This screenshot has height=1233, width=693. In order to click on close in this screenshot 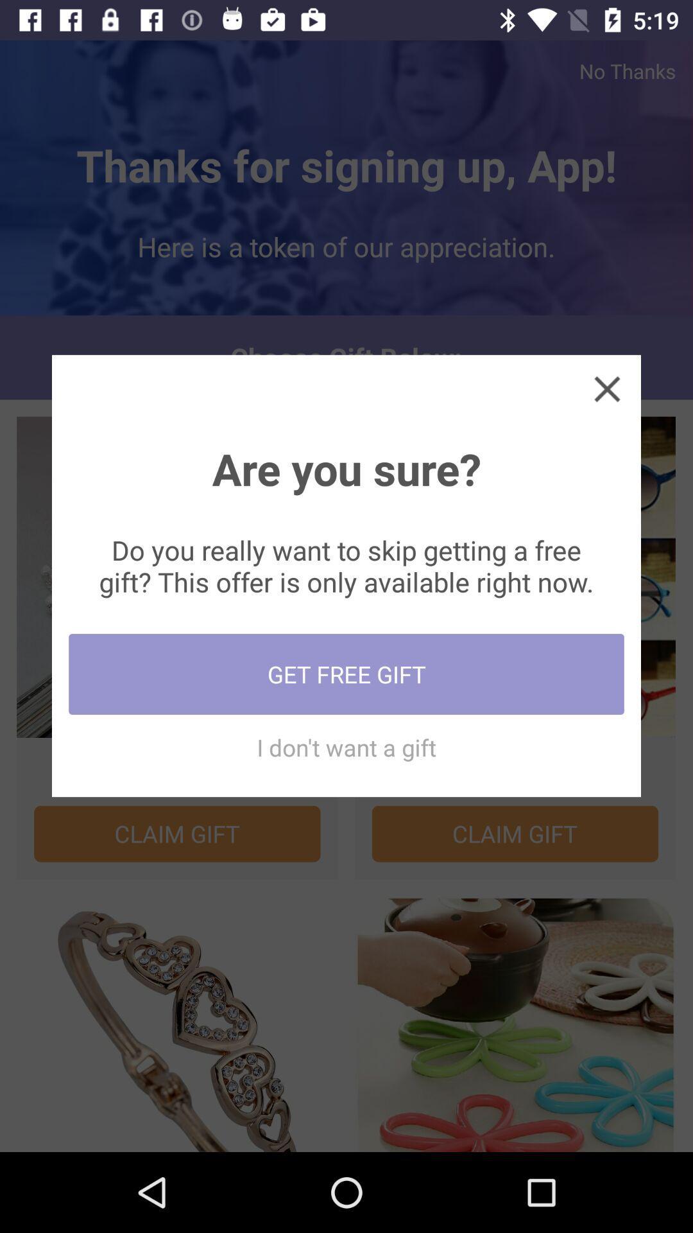, I will do `click(606, 388)`.